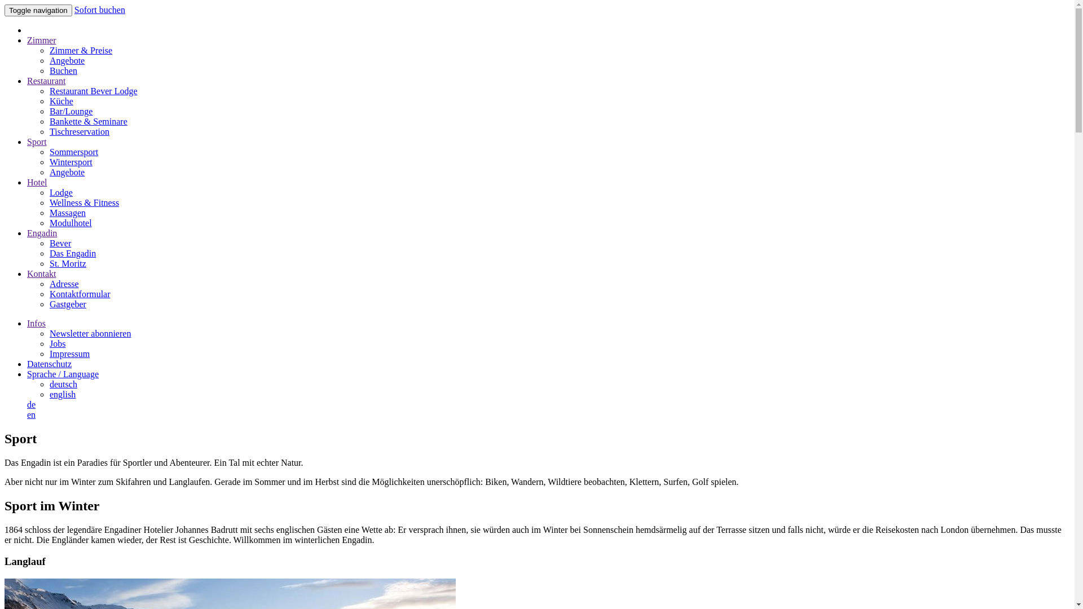 The height and width of the screenshot is (609, 1083). What do you see at coordinates (67, 213) in the screenshot?
I see `'Massagen'` at bounding box center [67, 213].